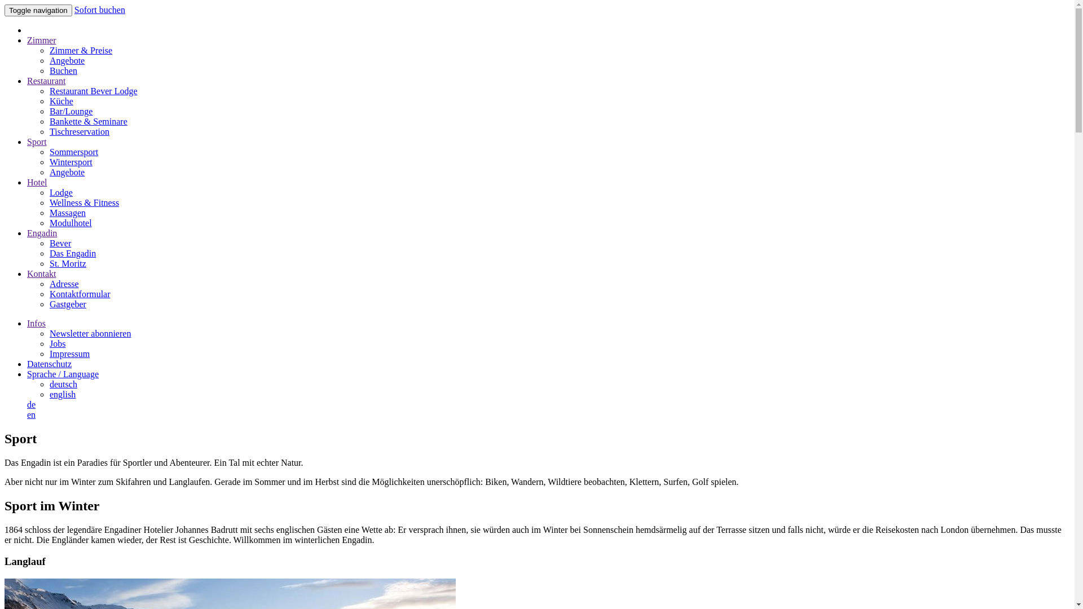 The height and width of the screenshot is (609, 1083). What do you see at coordinates (67, 213) in the screenshot?
I see `'Massagen'` at bounding box center [67, 213].